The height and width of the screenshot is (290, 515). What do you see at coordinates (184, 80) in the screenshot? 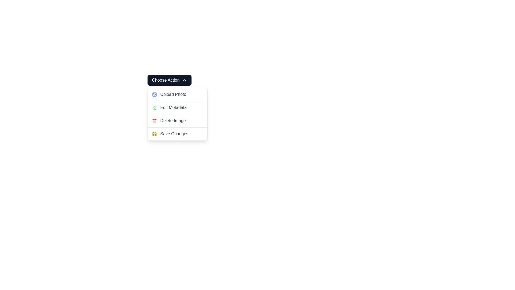
I see `the upward-pointing chevron icon located inside the 'Choose Action' button at the top of the dropdown menu` at bounding box center [184, 80].